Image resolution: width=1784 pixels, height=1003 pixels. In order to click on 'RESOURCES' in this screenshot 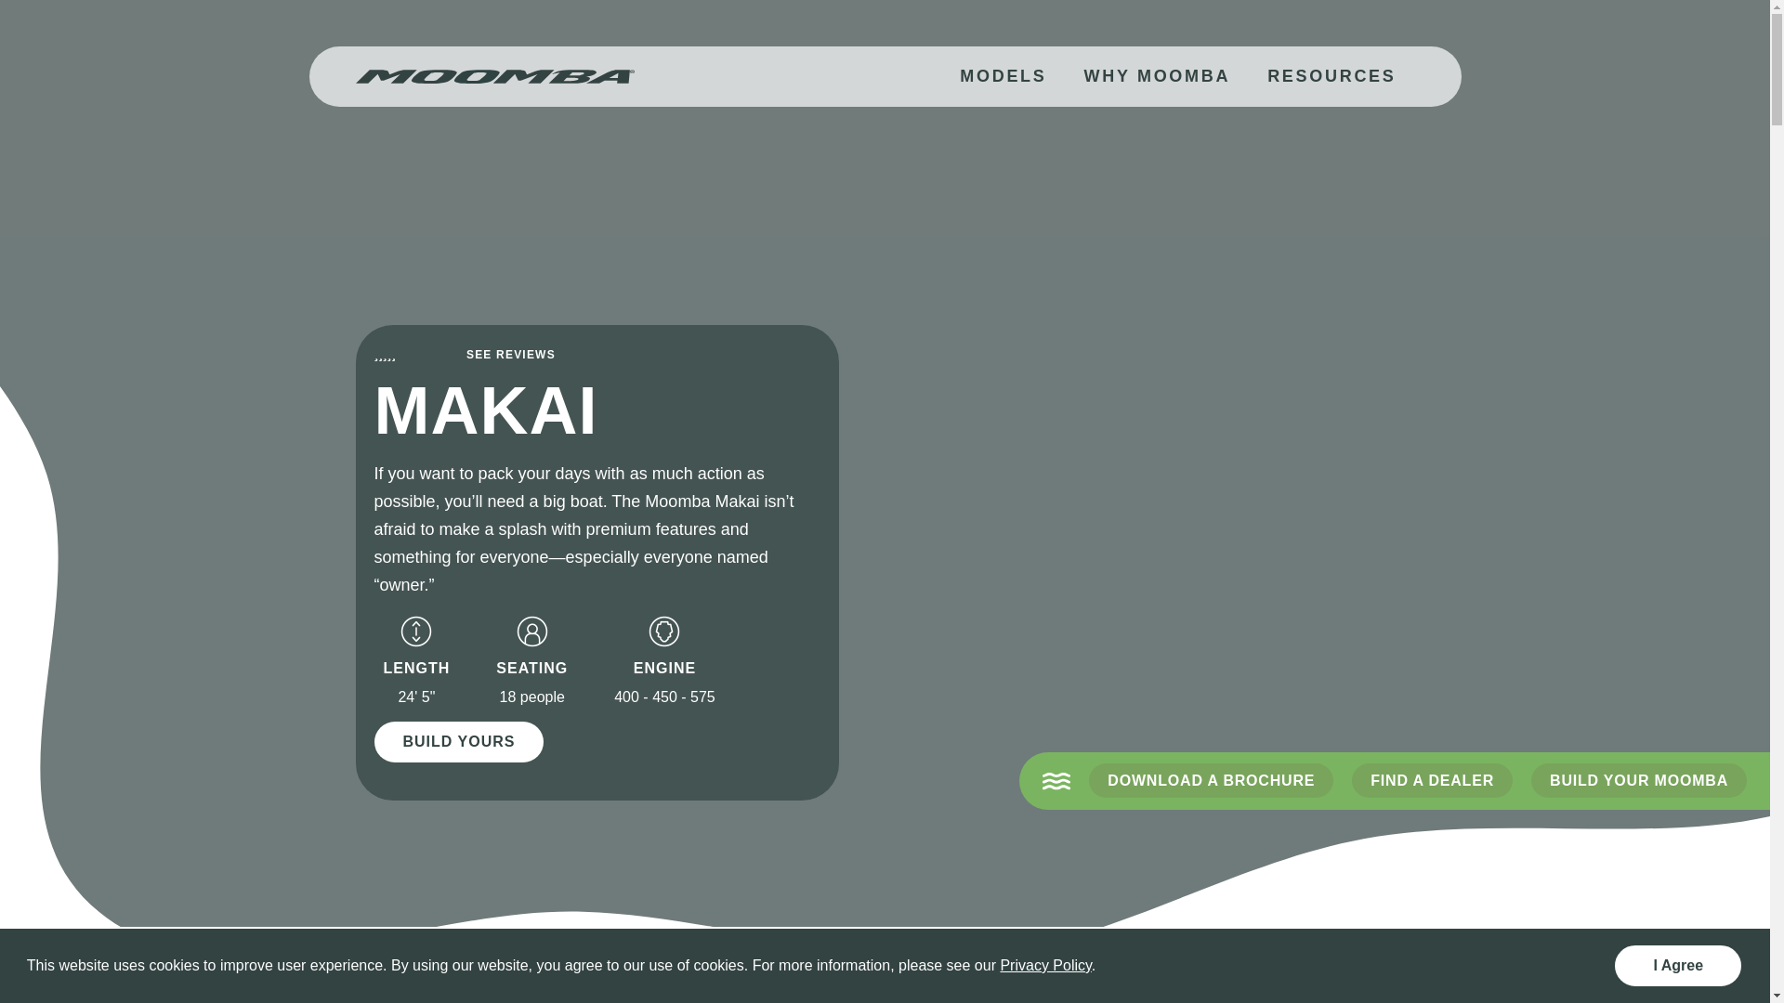, I will do `click(1331, 75)`.